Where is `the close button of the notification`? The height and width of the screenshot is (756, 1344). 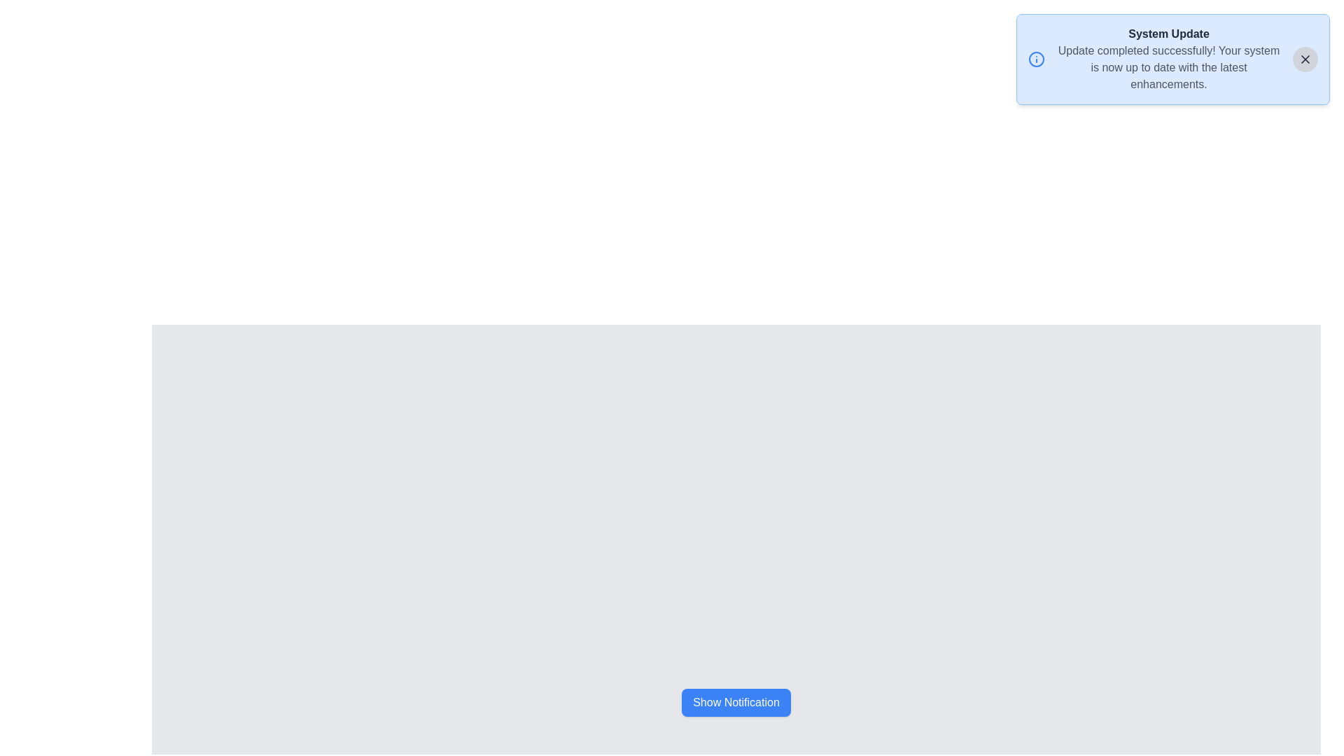 the close button of the notification is located at coordinates (1305, 58).